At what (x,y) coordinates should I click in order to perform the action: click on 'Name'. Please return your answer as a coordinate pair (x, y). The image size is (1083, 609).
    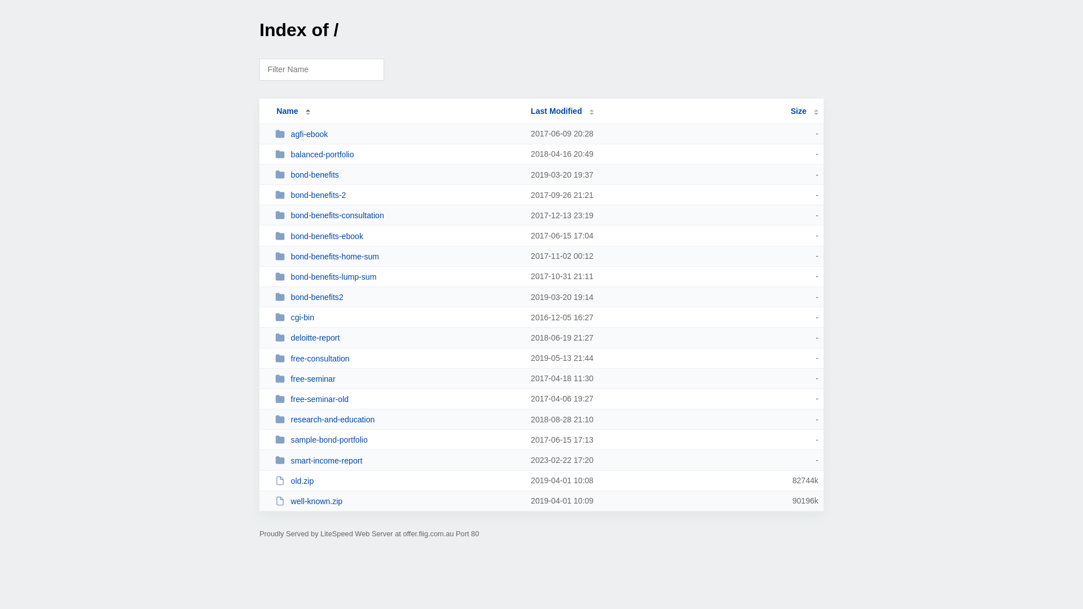
    Looking at the image, I should click on (287, 111).